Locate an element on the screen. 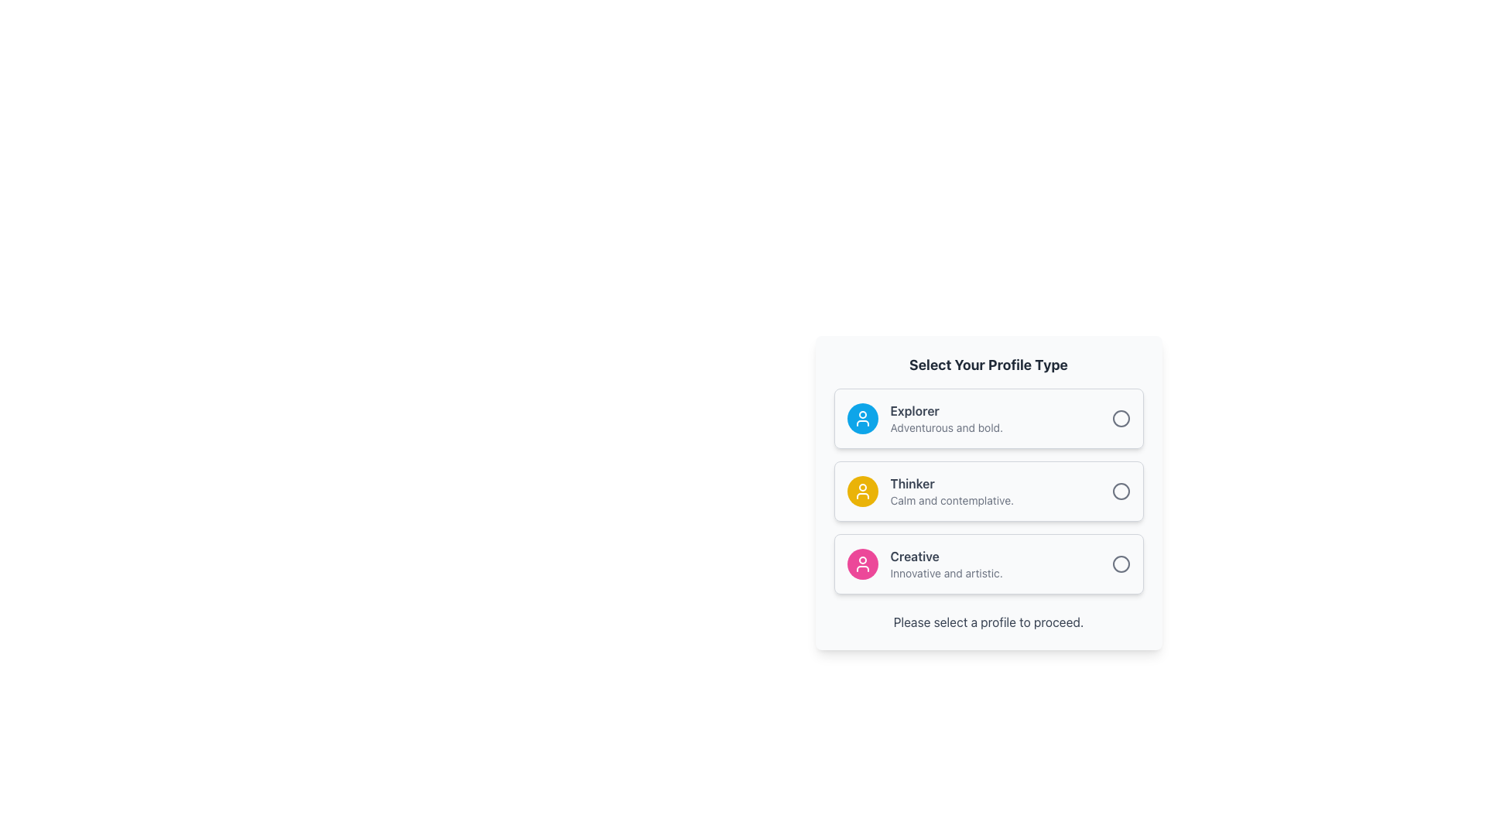 Image resolution: width=1486 pixels, height=836 pixels. the radio button in the selection component for choosing a profile type ('Explorer', 'Thinker', or 'Creative') is located at coordinates (988, 492).